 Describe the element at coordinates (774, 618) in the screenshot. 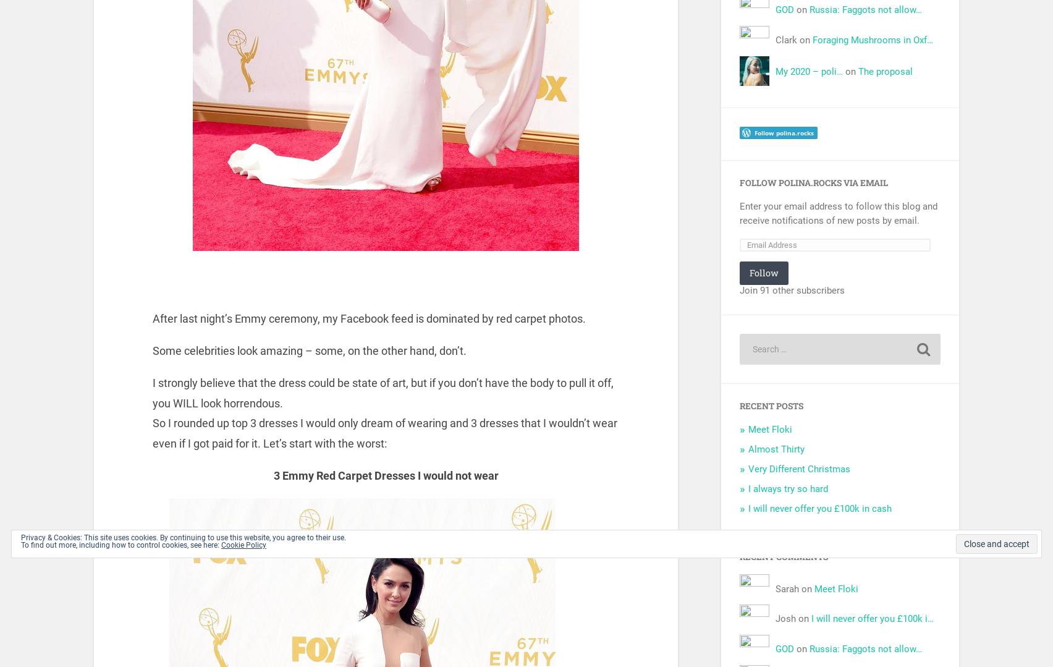

I see `'Josh on'` at that location.